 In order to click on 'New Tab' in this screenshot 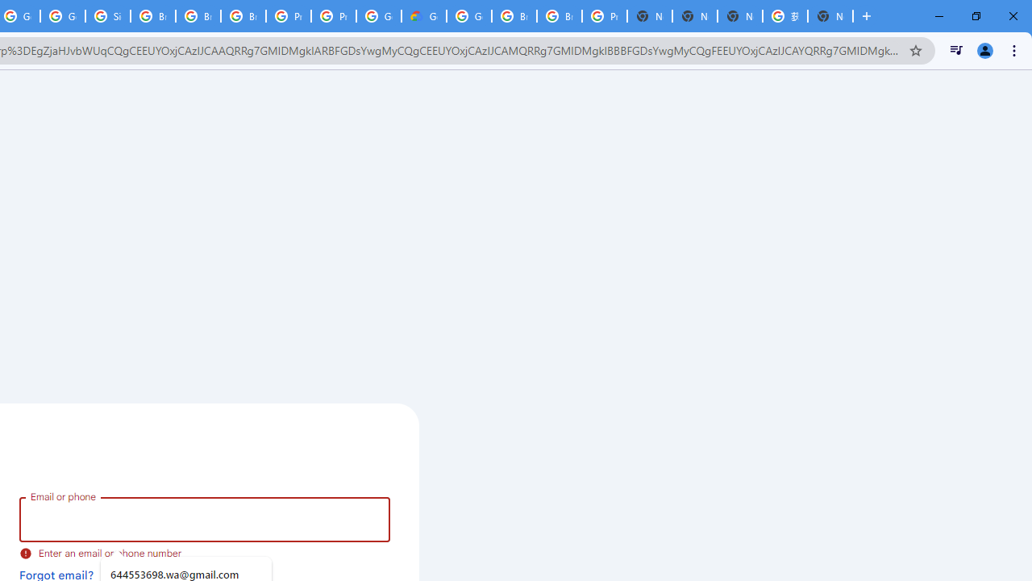, I will do `click(830, 16)`.